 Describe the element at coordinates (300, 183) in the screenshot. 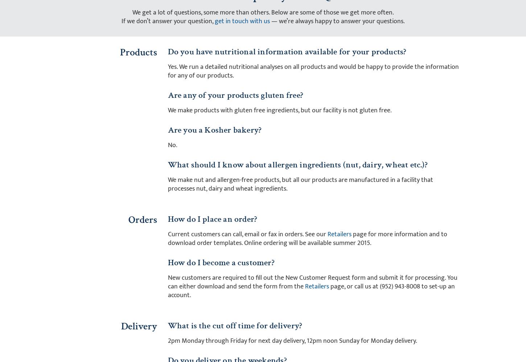

I see `'We make nut and allergen-free products, but all our products are manufactured in a facility that processes nut, dairy and wheat ingredients.'` at that location.